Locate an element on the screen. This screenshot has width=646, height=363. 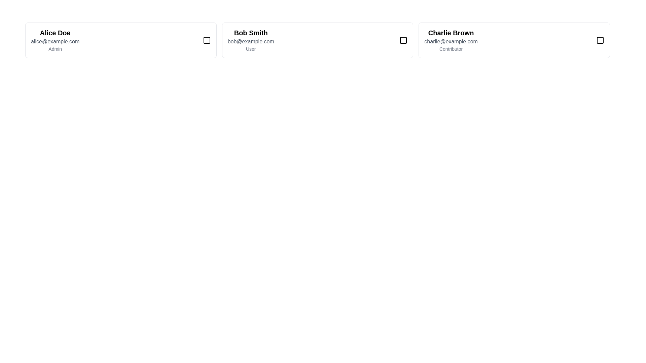
the icon located at the top-right corner of the user card labeled 'Alice Doe' is located at coordinates (206, 40).